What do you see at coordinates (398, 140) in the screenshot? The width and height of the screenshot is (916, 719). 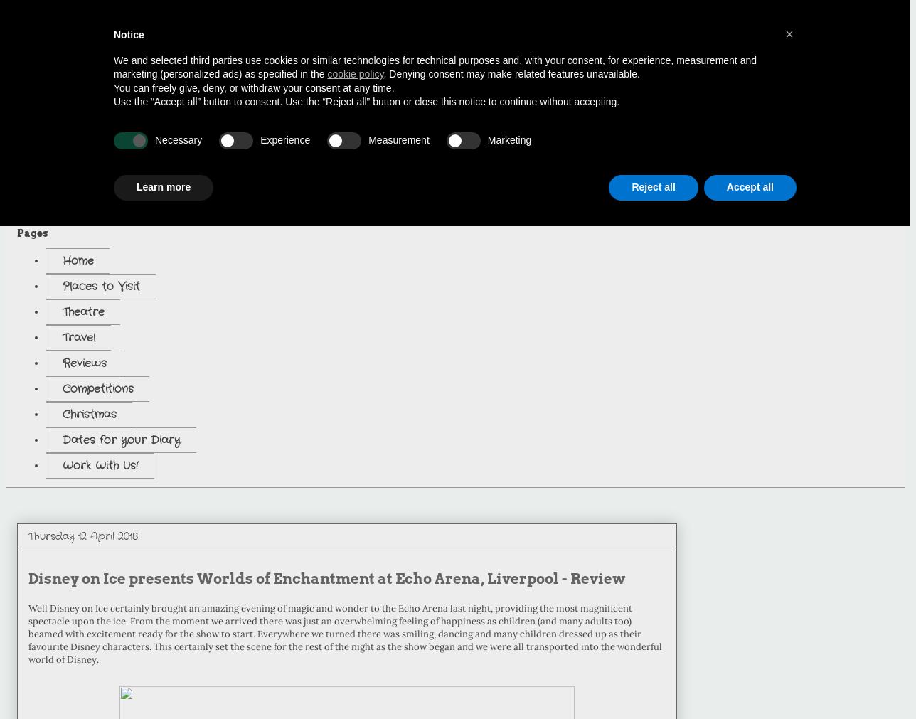 I see `'Measurement'` at bounding box center [398, 140].